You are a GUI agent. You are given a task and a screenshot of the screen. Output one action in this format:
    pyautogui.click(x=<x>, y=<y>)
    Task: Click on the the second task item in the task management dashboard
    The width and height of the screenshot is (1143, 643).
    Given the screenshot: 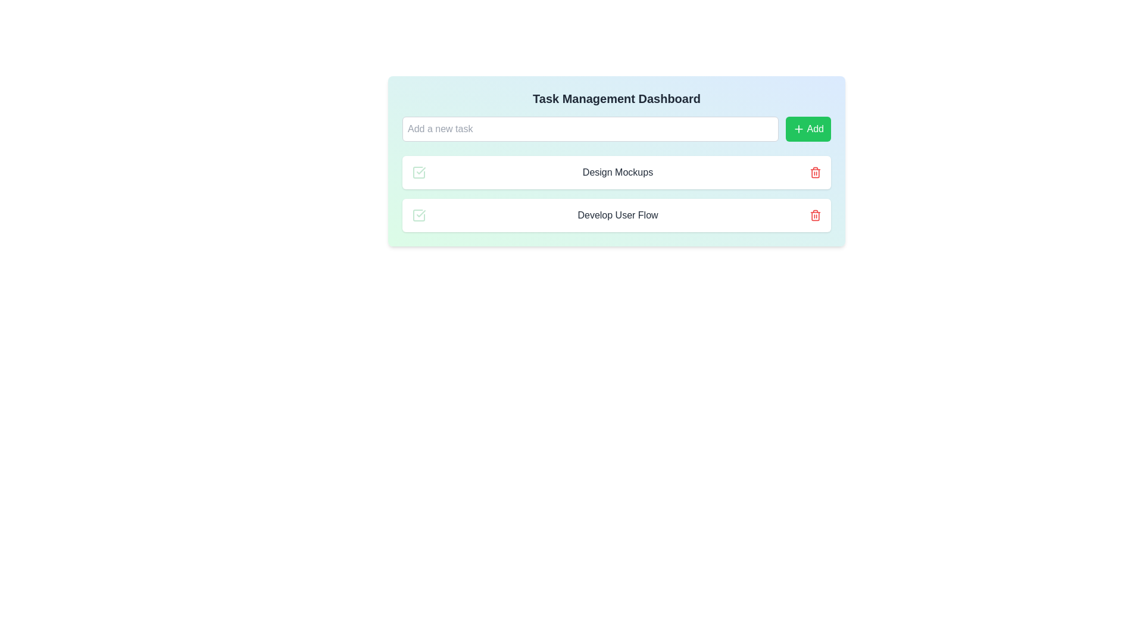 What is the action you would take?
    pyautogui.click(x=617, y=216)
    